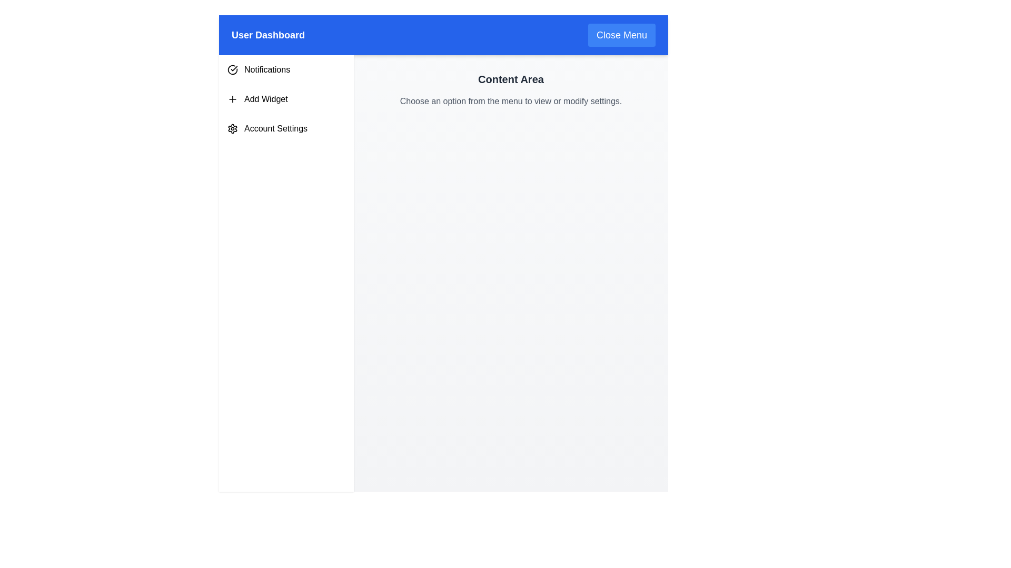  What do you see at coordinates (621, 34) in the screenshot?
I see `the close menu button located in the top-right section of the header, adjacent to 'User Dashboard'` at bounding box center [621, 34].